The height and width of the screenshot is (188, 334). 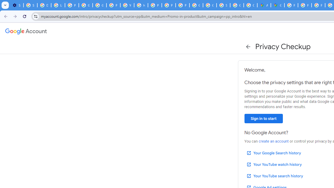 I want to click on 'Your Google Search history', so click(x=273, y=153).